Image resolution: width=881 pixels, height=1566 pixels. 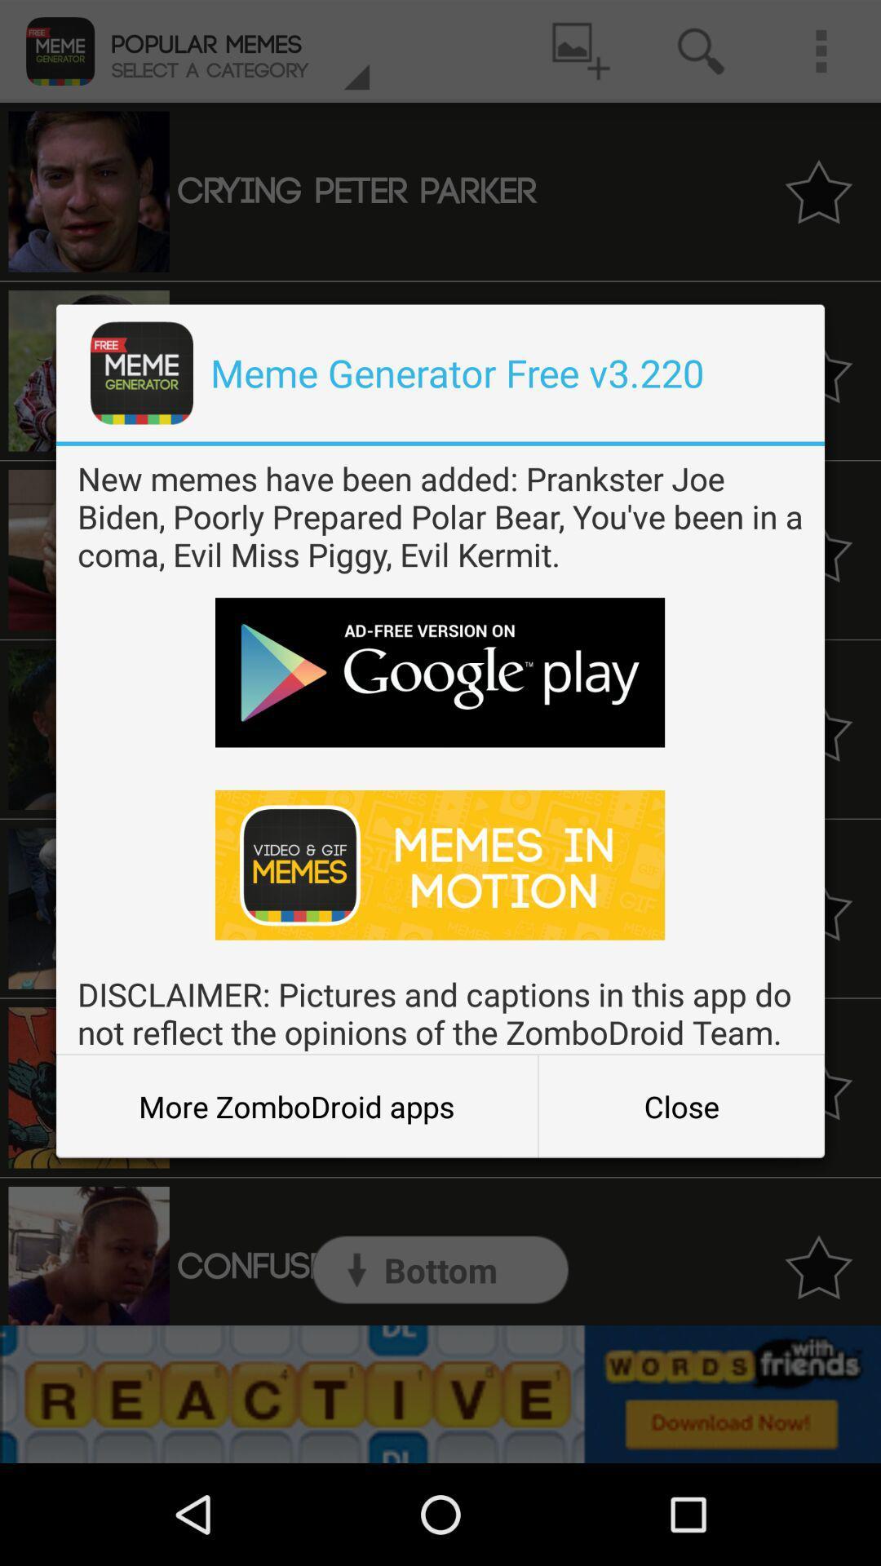 What do you see at coordinates (681, 1106) in the screenshot?
I see `the icon at the bottom right corner` at bounding box center [681, 1106].